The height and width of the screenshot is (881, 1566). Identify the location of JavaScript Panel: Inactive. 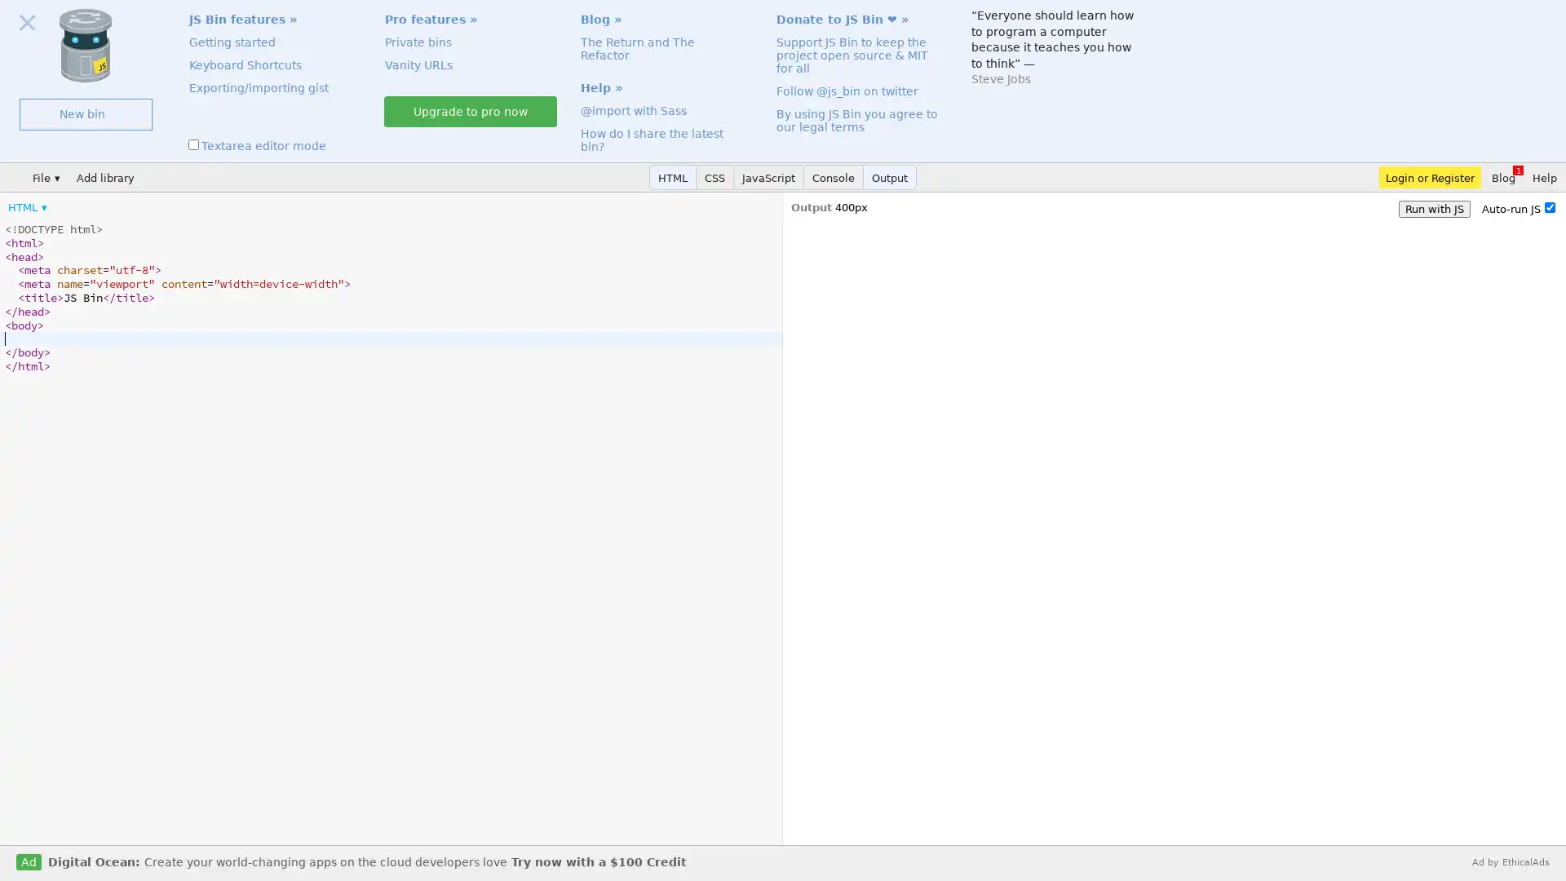
(768, 177).